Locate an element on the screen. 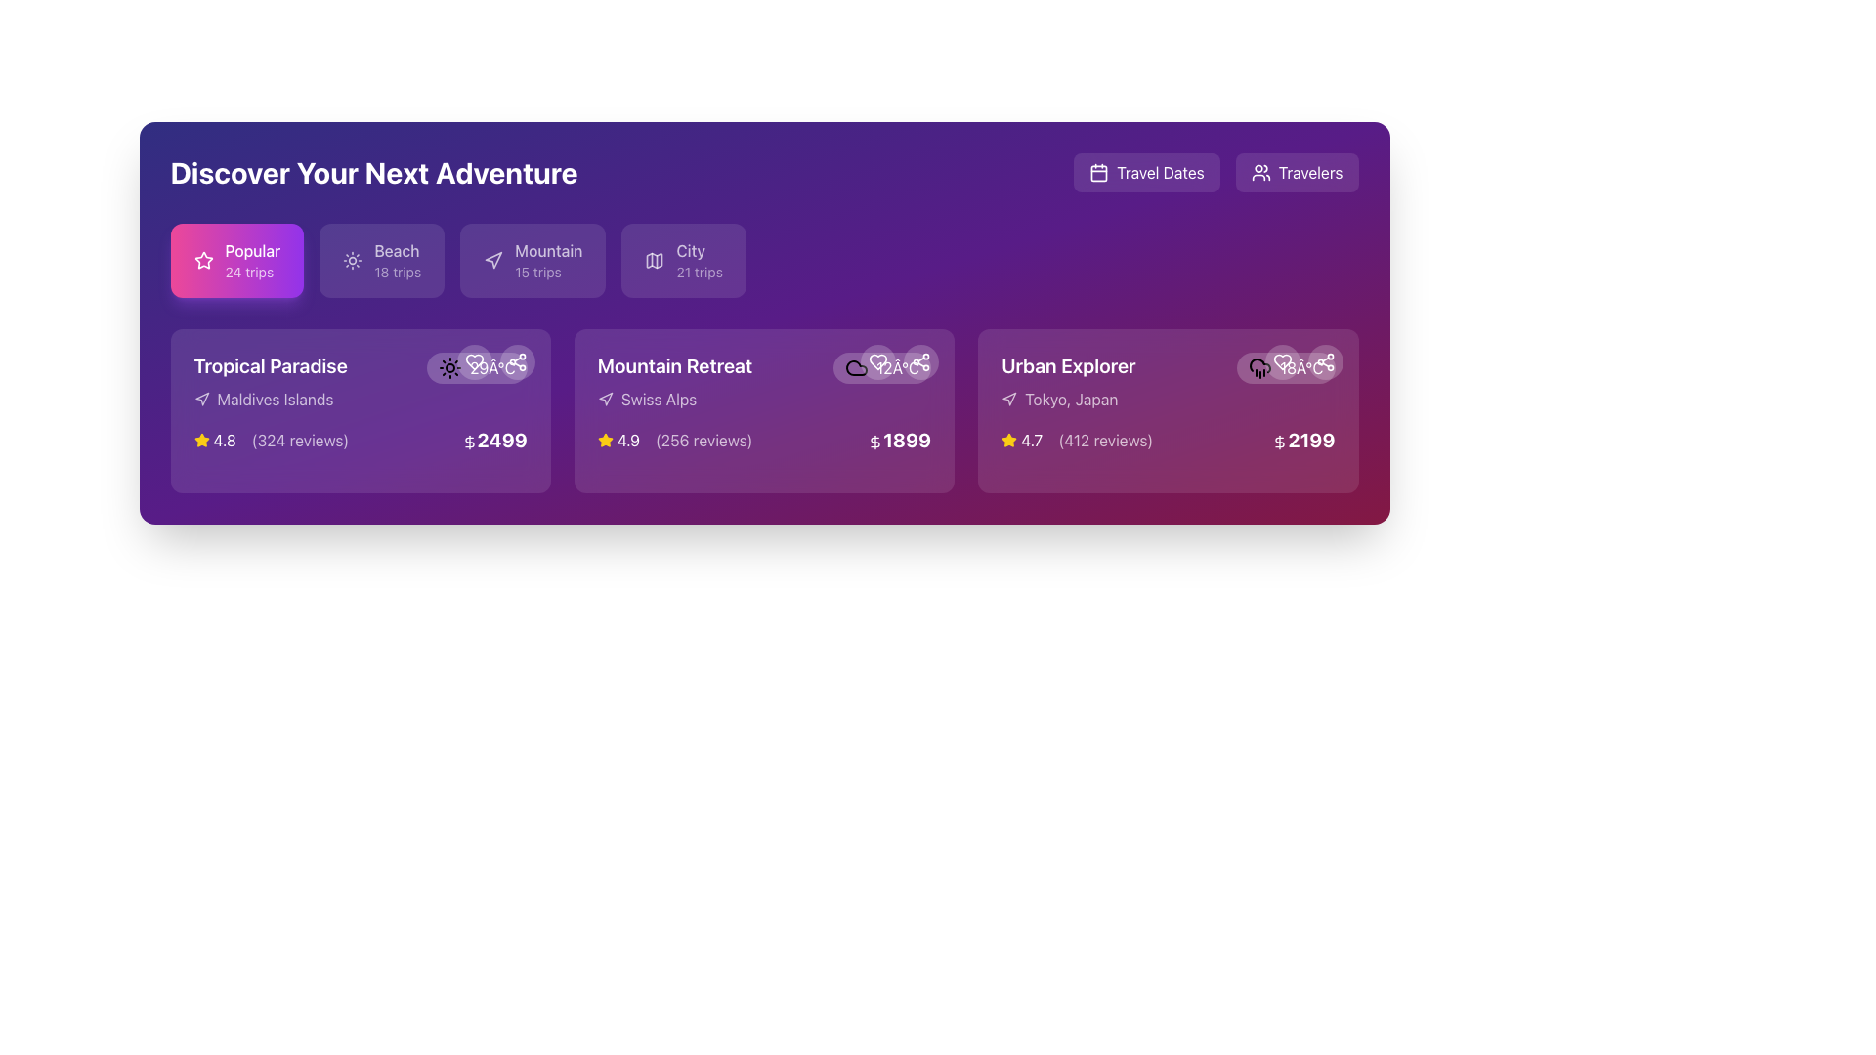 This screenshot has height=1055, width=1876. the heart SVG icon located above the price value in the first card ('Tropical Paradise') is located at coordinates (474, 361).